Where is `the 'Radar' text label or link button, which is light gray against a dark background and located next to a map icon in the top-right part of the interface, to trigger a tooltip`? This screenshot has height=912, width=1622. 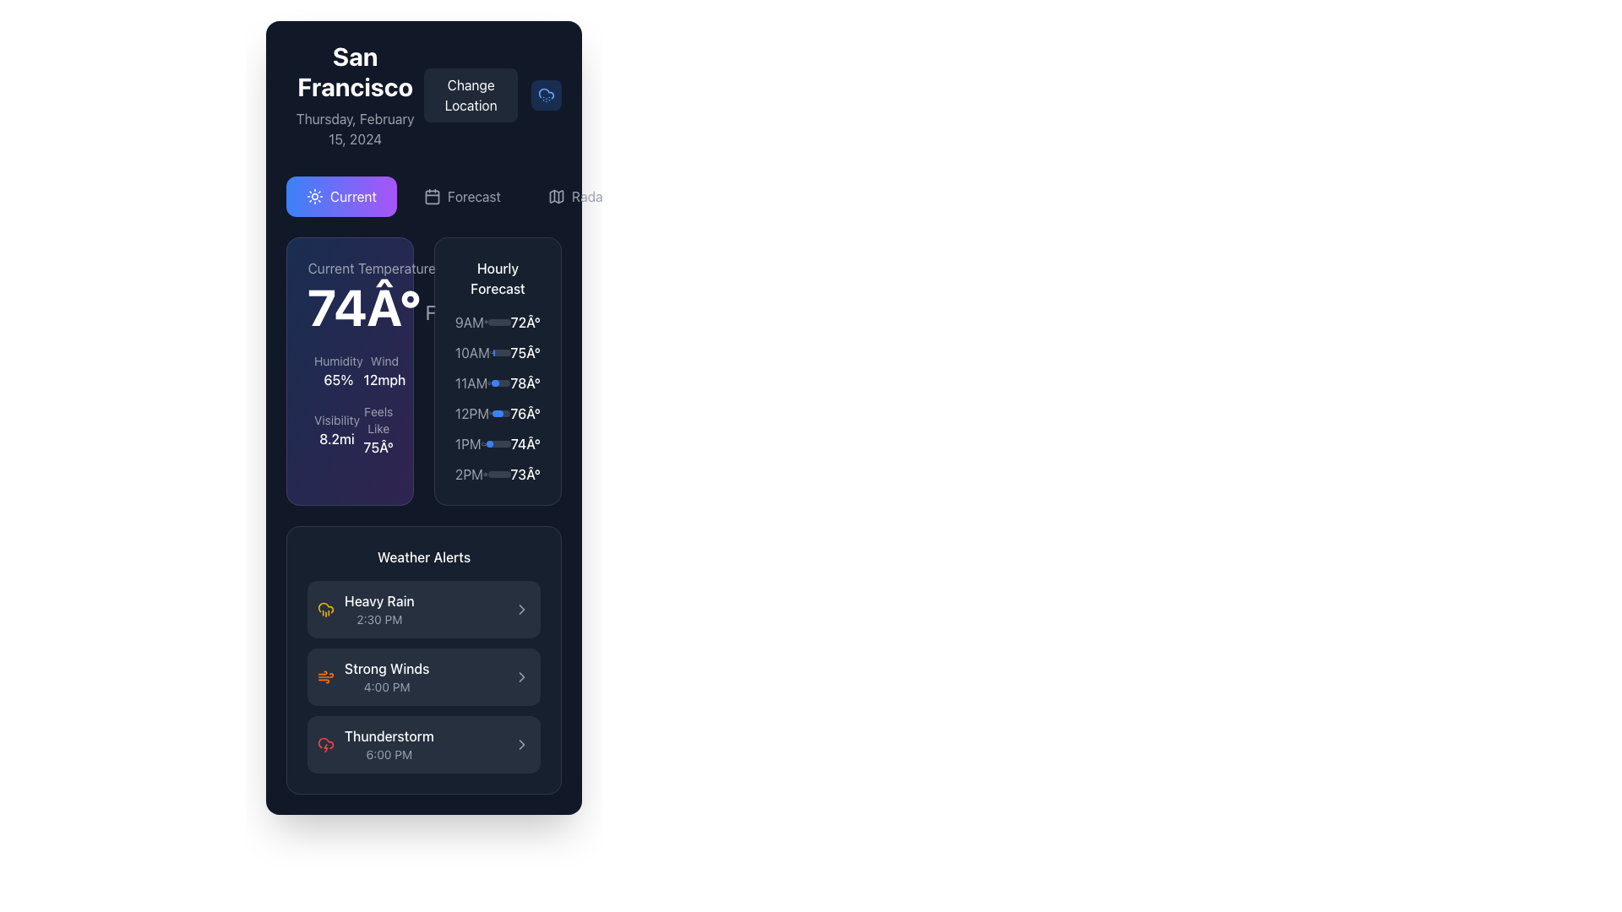
the 'Radar' text label or link button, which is light gray against a dark background and located next to a map icon in the top-right part of the interface, to trigger a tooltip is located at coordinates (590, 195).